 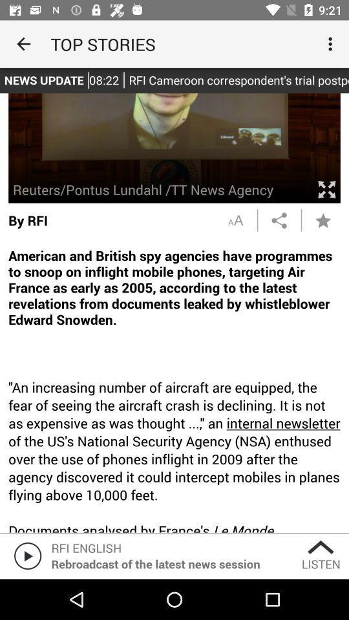 I want to click on the star icon, so click(x=323, y=220).